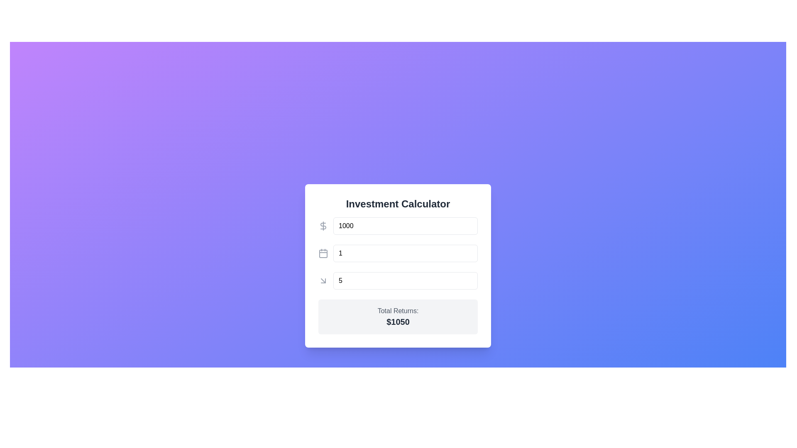 The width and height of the screenshot is (797, 448). Describe the element at coordinates (323, 280) in the screenshot. I see `the icon located to the left of the 'Interest Rate (%)' input field, which serves as a visual indicator for that input` at that location.